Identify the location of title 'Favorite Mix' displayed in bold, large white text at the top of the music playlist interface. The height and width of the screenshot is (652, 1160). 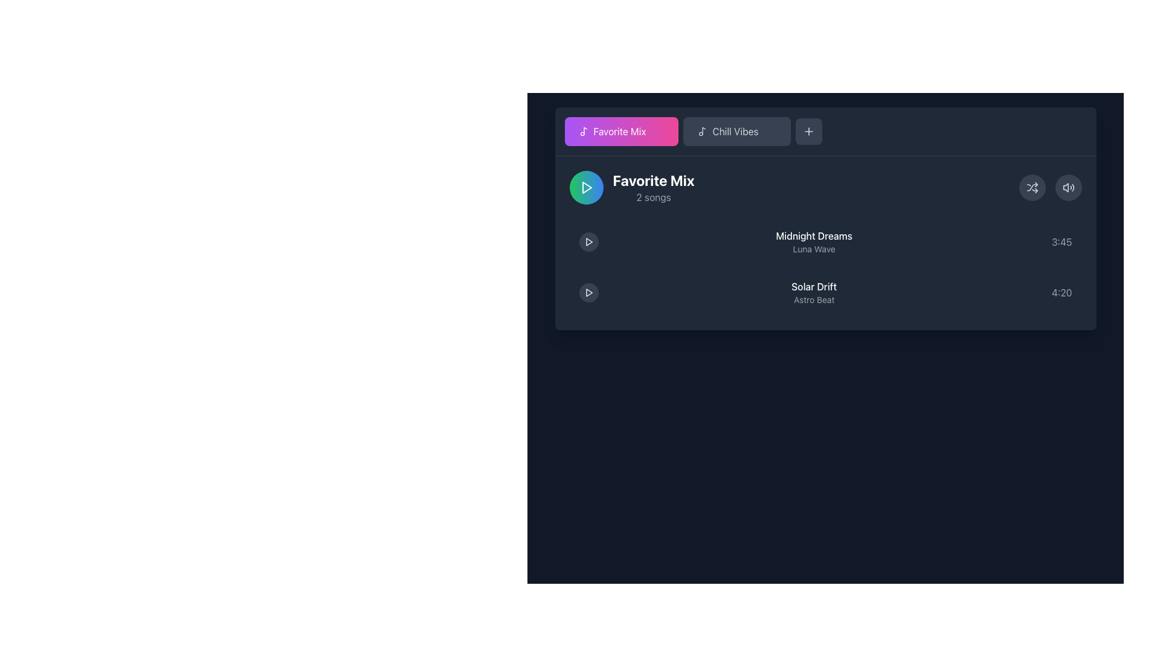
(653, 181).